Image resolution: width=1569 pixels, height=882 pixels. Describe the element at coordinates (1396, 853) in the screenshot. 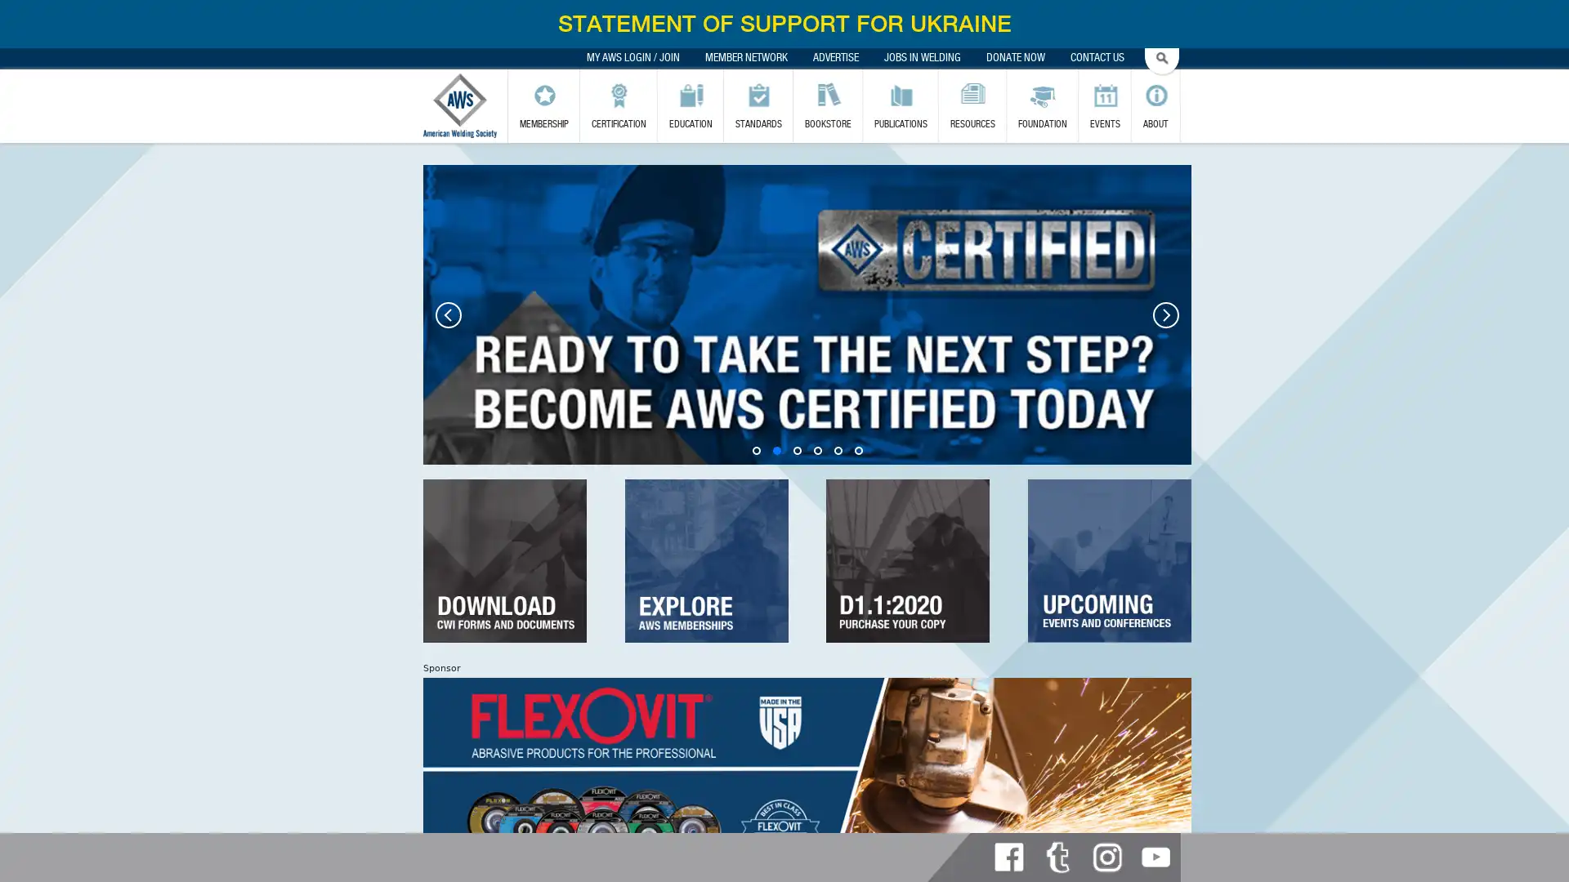

I see `Subscribe now` at that location.